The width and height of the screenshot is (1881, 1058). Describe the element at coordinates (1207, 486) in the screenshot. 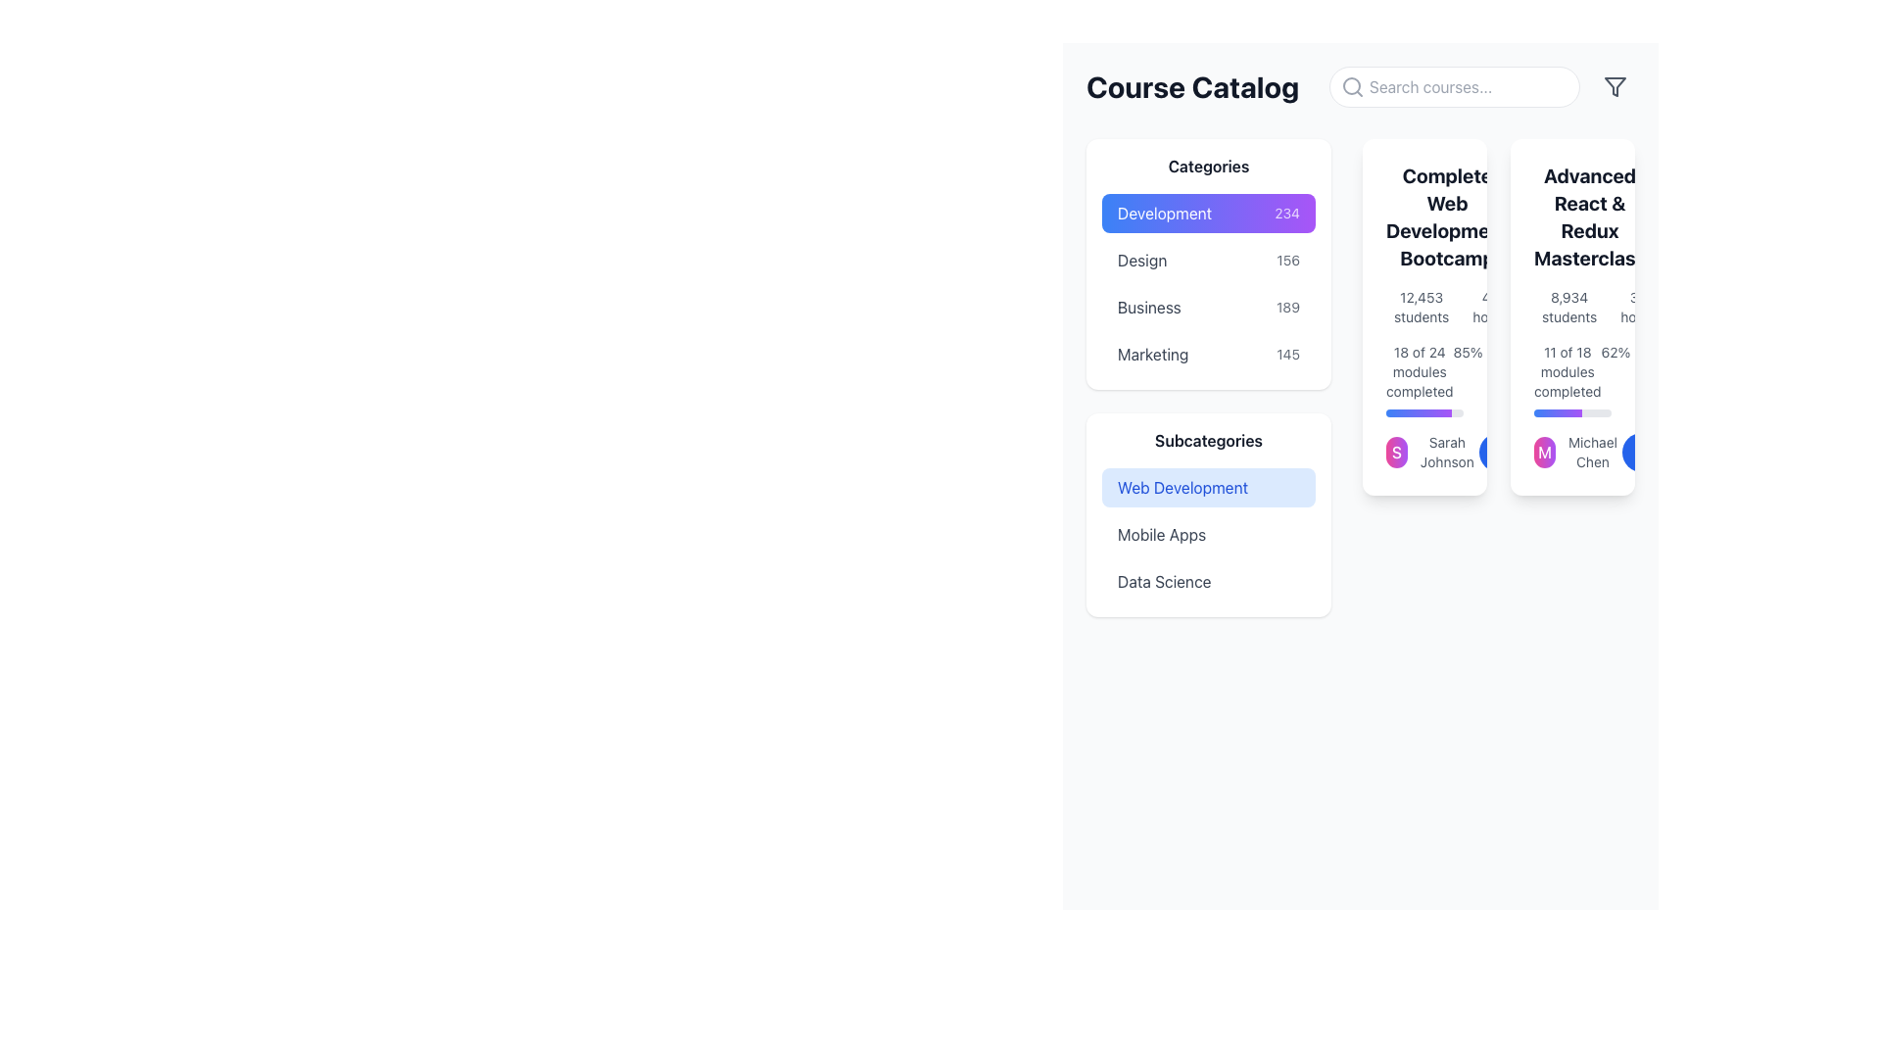

I see `the 'Web Development' button, which is a light blue rectangular button with bold blue text, located under the 'Subcategories' section` at that location.